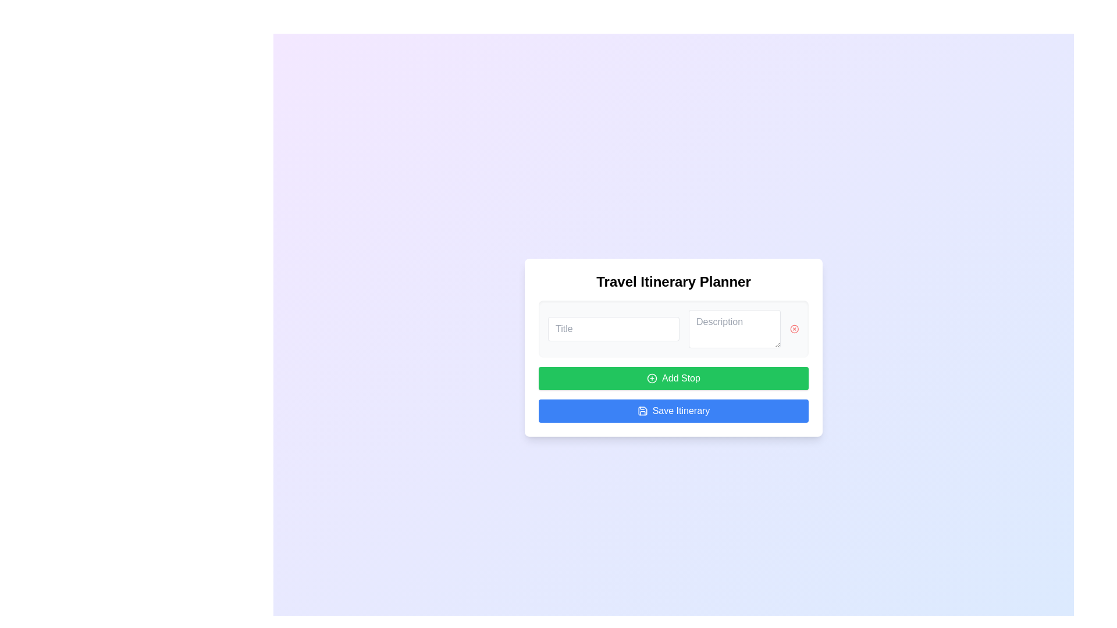 The height and width of the screenshot is (628, 1117). I want to click on the 'Save Itinerary' button, which is a prominent rectangular button with rounded edges, rich blue background, and white bold text, located directly below the green 'Add Stop' button, so click(673, 410).